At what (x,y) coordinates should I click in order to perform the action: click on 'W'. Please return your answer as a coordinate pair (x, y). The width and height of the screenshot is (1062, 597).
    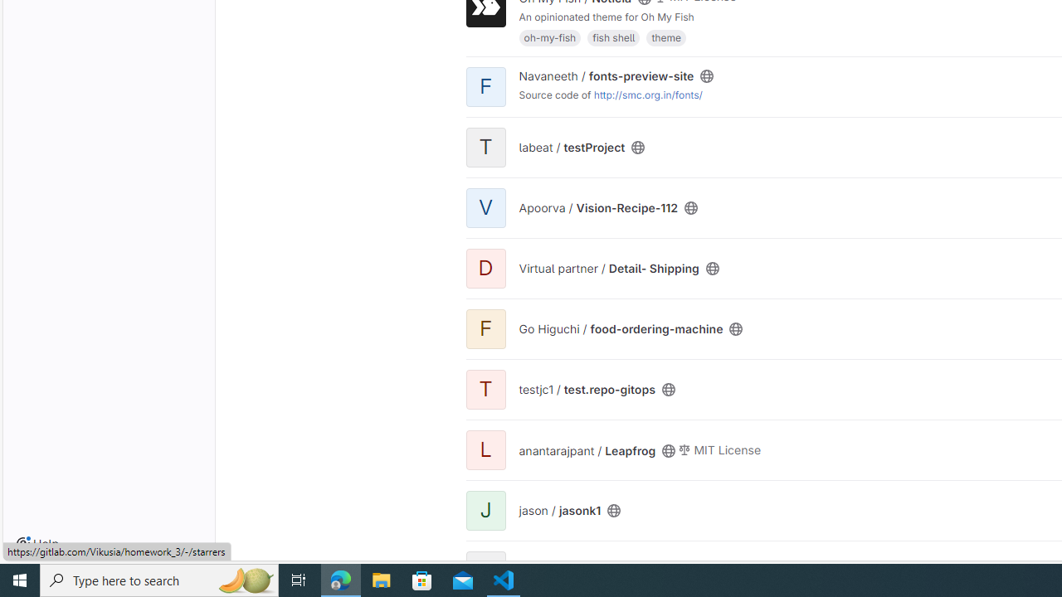
    Looking at the image, I should click on (485, 570).